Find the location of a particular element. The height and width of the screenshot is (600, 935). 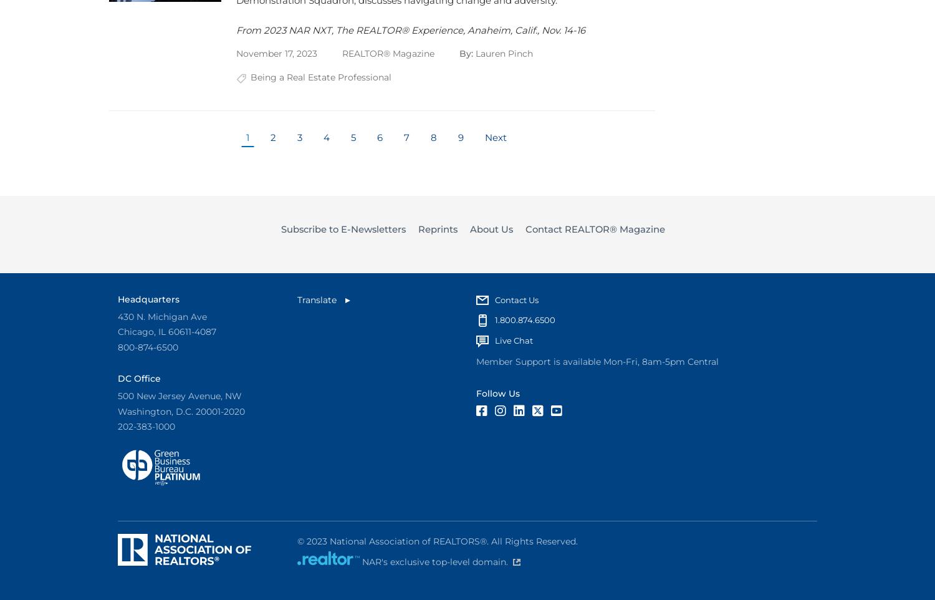

'Contact REALTOR® Magazine' is located at coordinates (594, 229).